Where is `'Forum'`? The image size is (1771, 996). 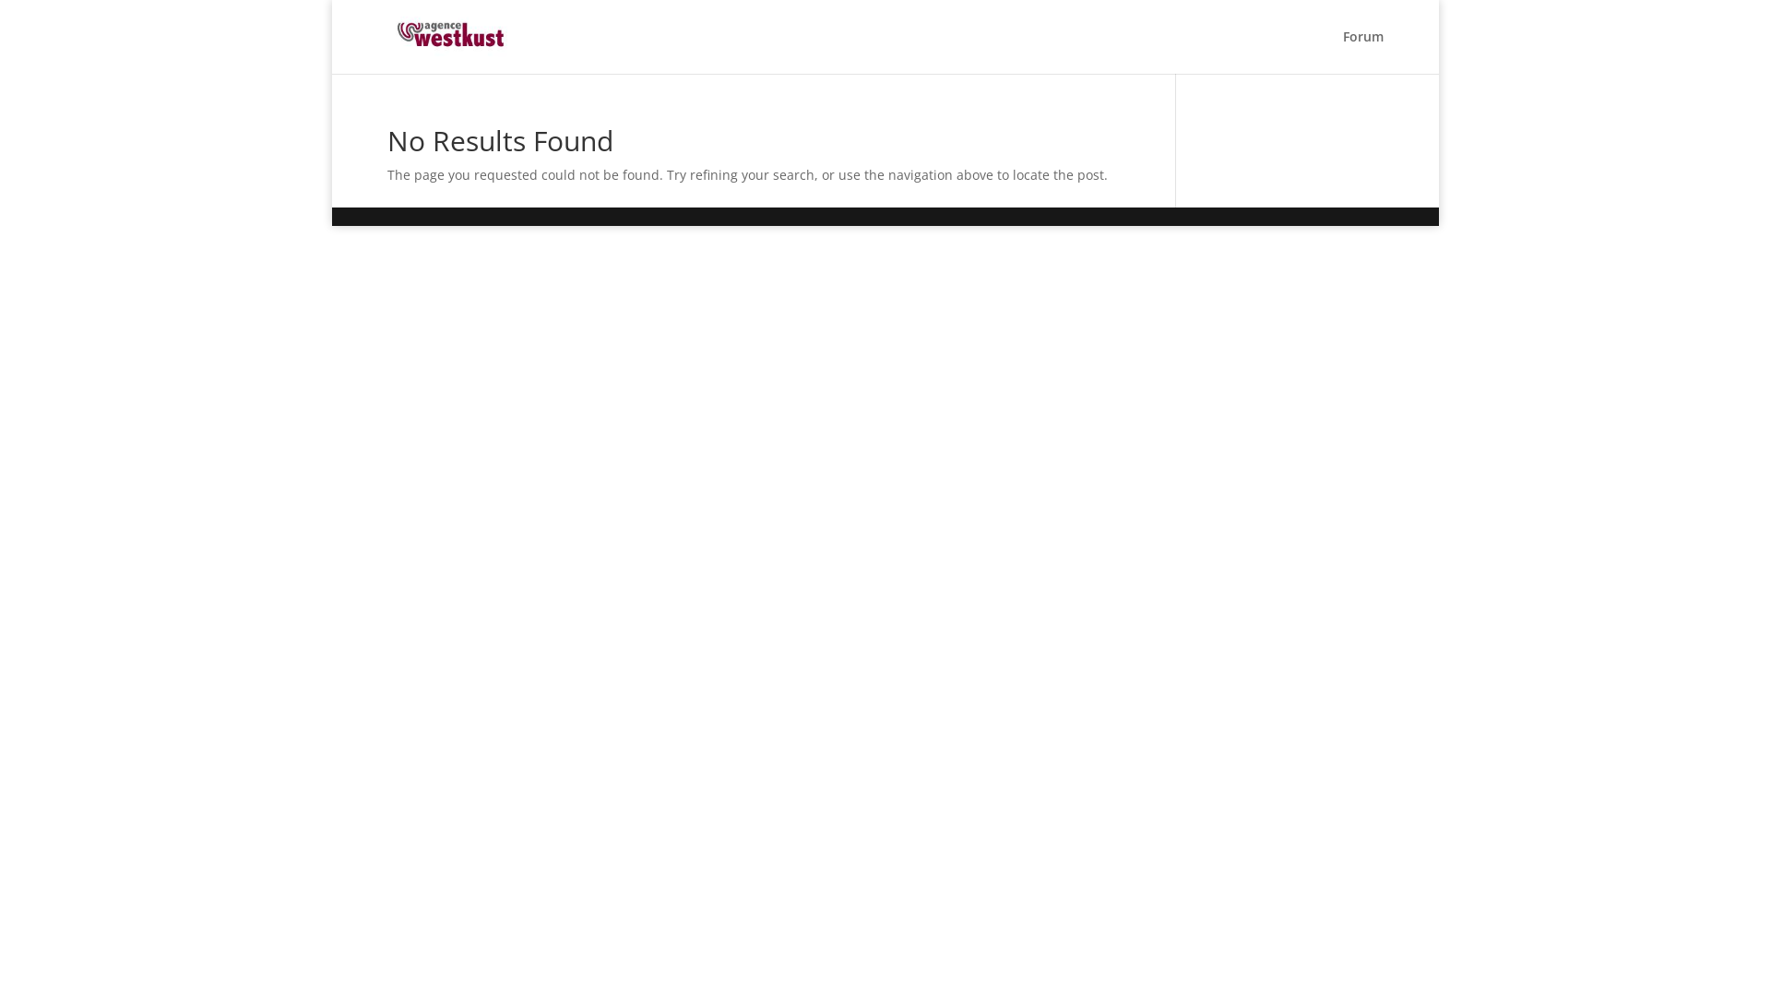 'Forum' is located at coordinates (1363, 51).